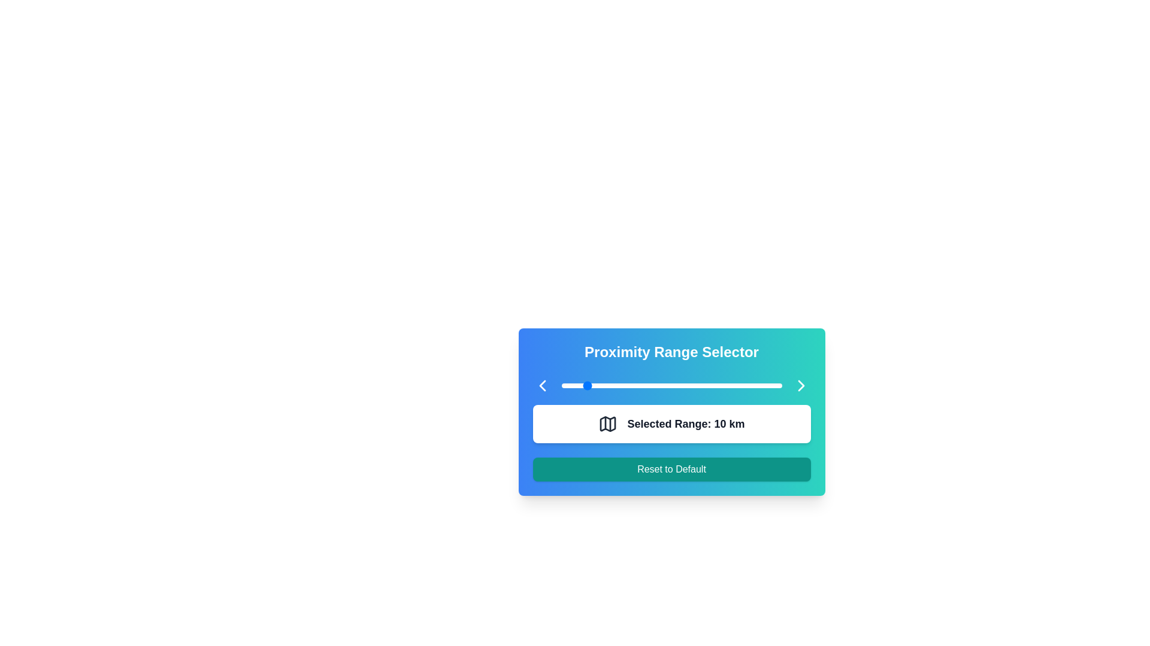 The image size is (1150, 646). Describe the element at coordinates (541, 385) in the screenshot. I see `the button located at the far left of the horizontal alignment bar in the 'Proximity Range Selector' card to decrease a value or navigate backwards` at that location.